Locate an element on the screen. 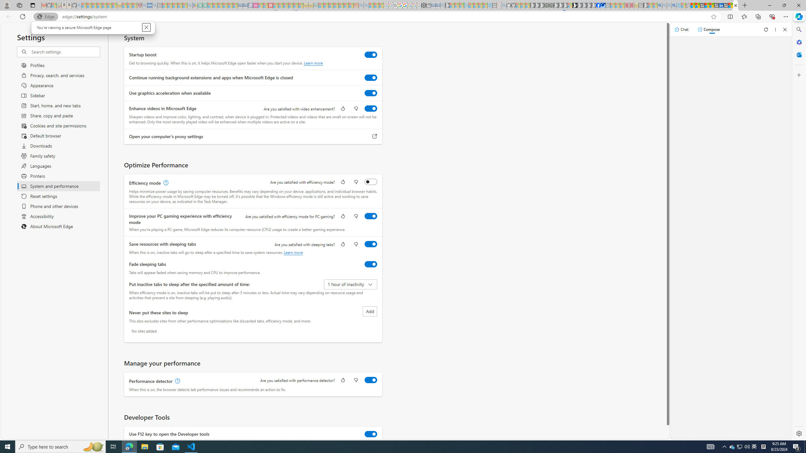 The image size is (806, 453). 'Action Center, 2 new notifications' is located at coordinates (797, 446).